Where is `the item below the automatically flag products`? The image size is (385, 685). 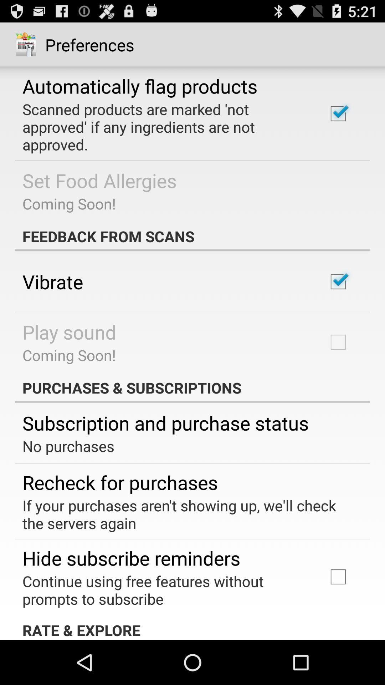 the item below the automatically flag products is located at coordinates (165, 127).